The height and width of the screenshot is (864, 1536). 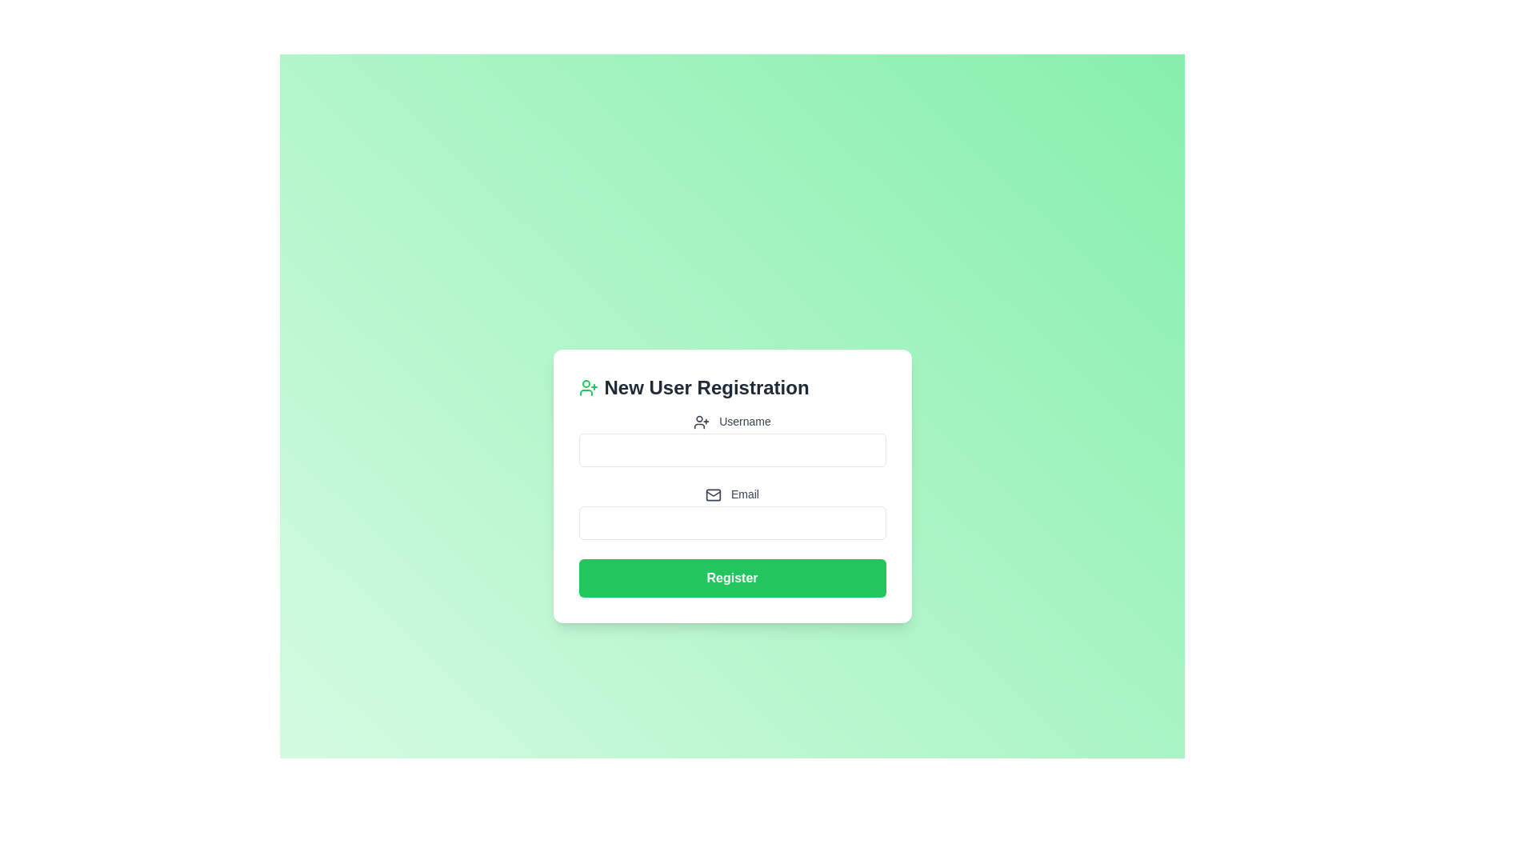 I want to click on the icon indicating the 'New User Registration' section, so click(x=587, y=387).